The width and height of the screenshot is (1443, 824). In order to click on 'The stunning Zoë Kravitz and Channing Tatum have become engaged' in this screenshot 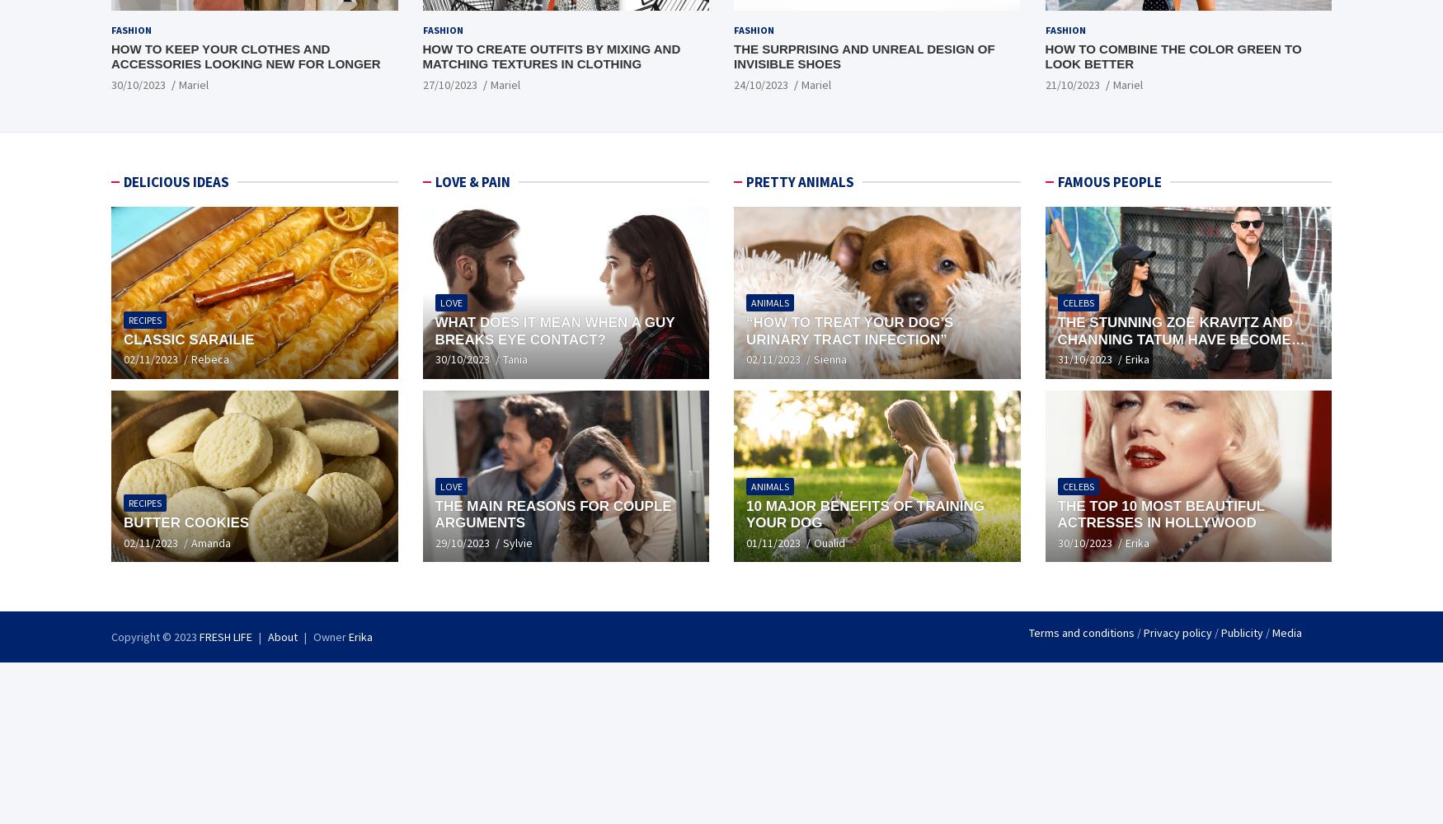, I will do `click(1173, 339)`.